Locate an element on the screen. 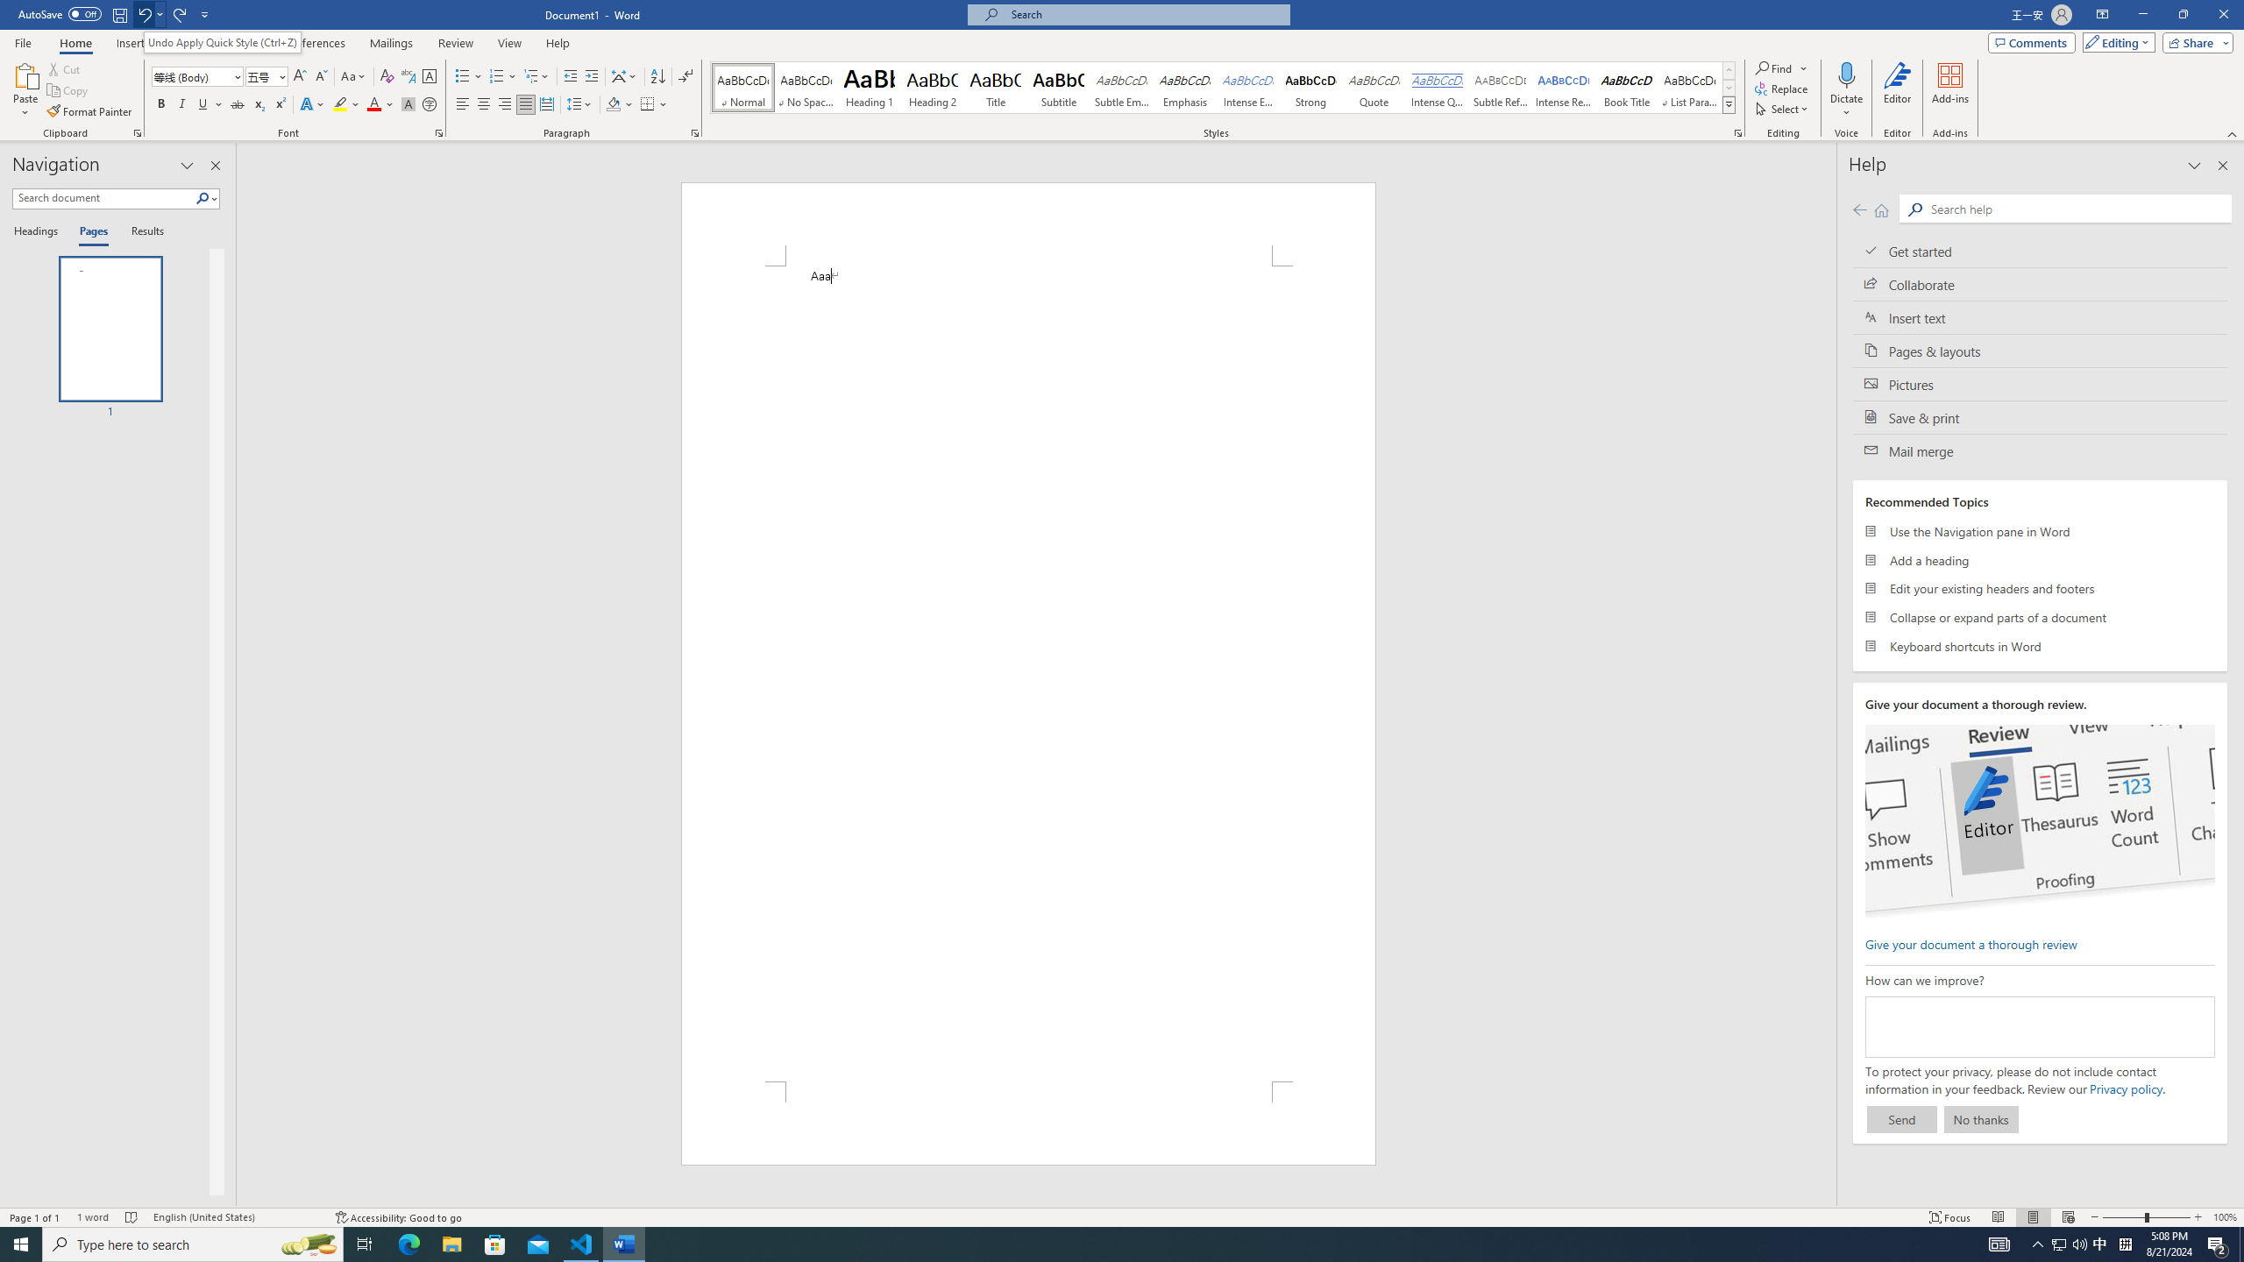 The image size is (2244, 1262). 'Privacy policy' is located at coordinates (2126, 1088).